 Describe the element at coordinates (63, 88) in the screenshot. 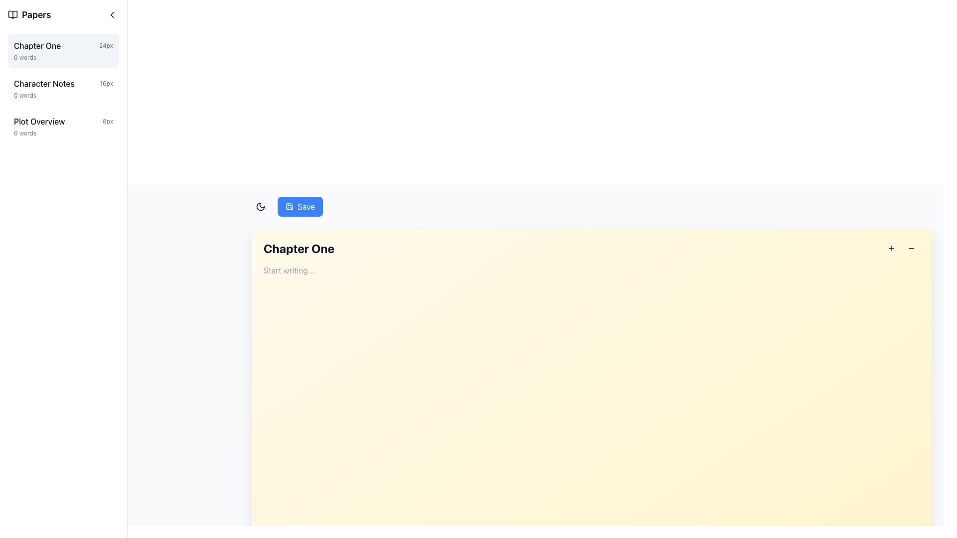

I see `the 'Character Notes' navigation link in the sidebar to change its background coloration` at that location.